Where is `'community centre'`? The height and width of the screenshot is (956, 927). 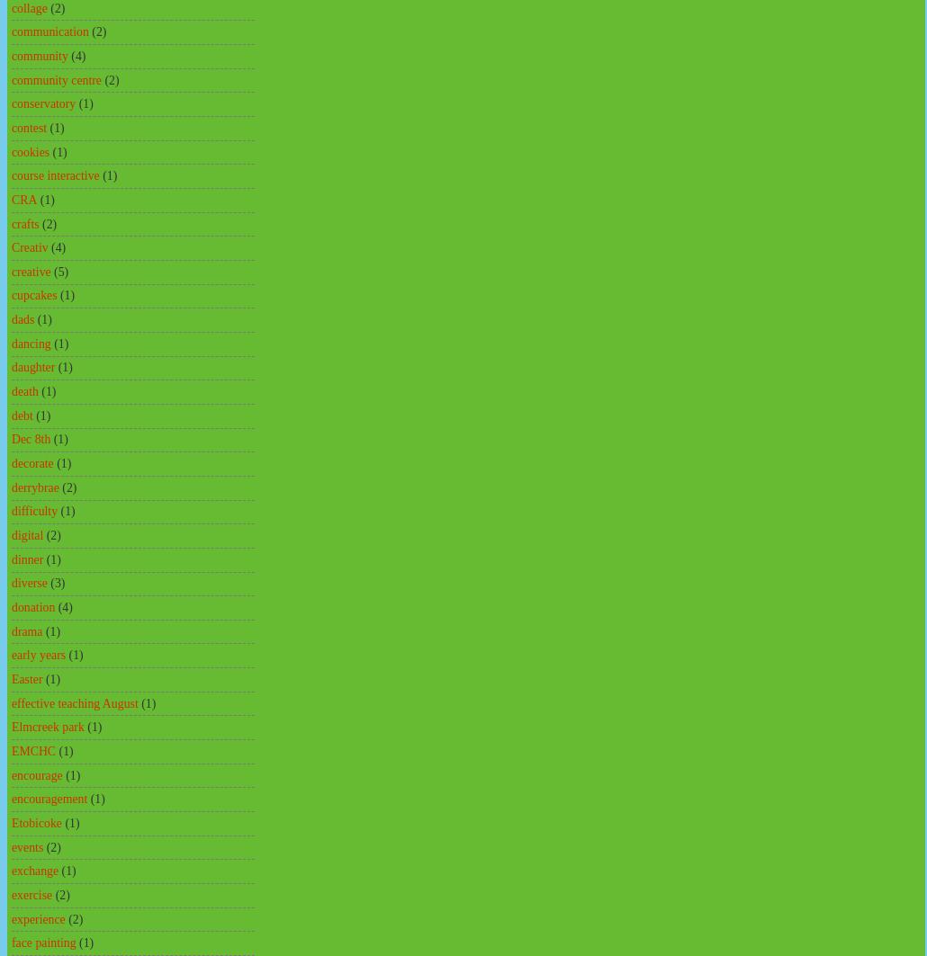 'community centre' is located at coordinates (57, 79).